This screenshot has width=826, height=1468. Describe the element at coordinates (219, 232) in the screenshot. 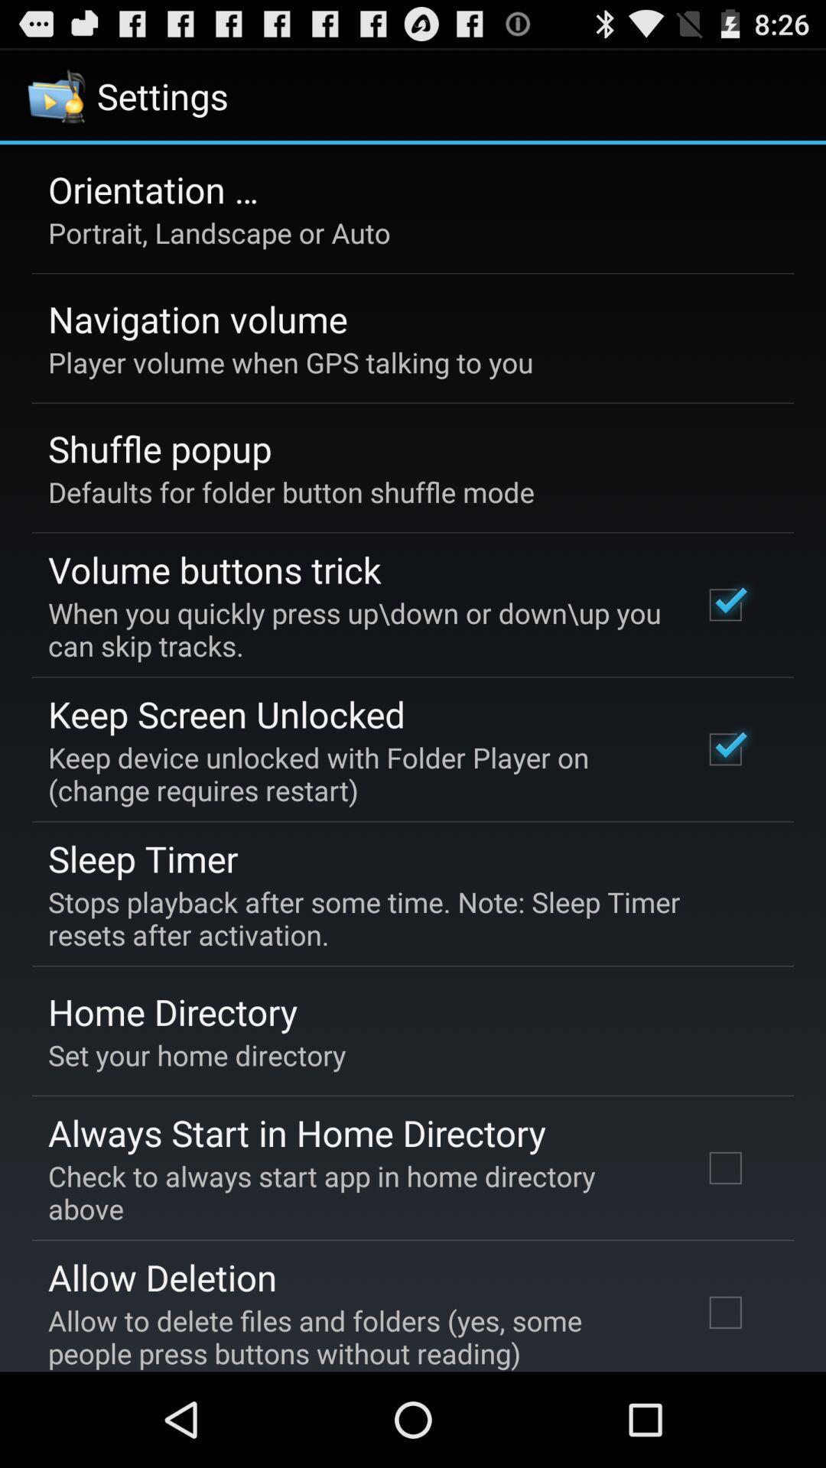

I see `portrait landscape or item` at that location.